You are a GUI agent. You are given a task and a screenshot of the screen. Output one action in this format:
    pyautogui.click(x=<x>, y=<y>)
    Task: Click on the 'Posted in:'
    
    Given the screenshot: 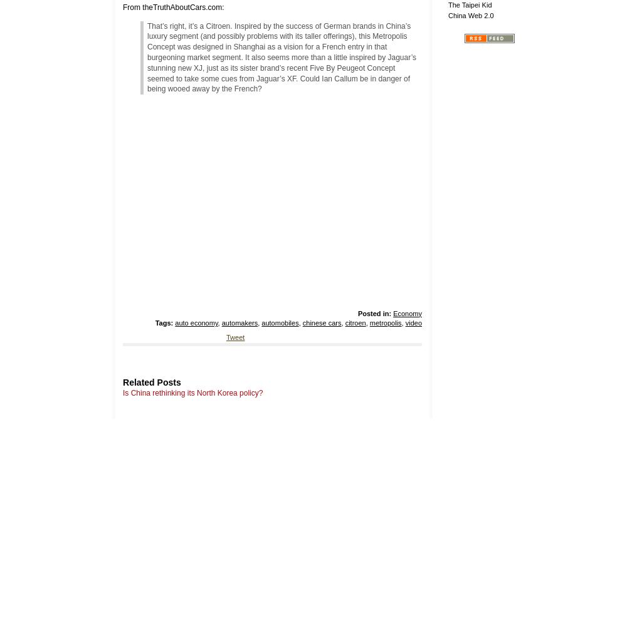 What is the action you would take?
    pyautogui.click(x=374, y=313)
    